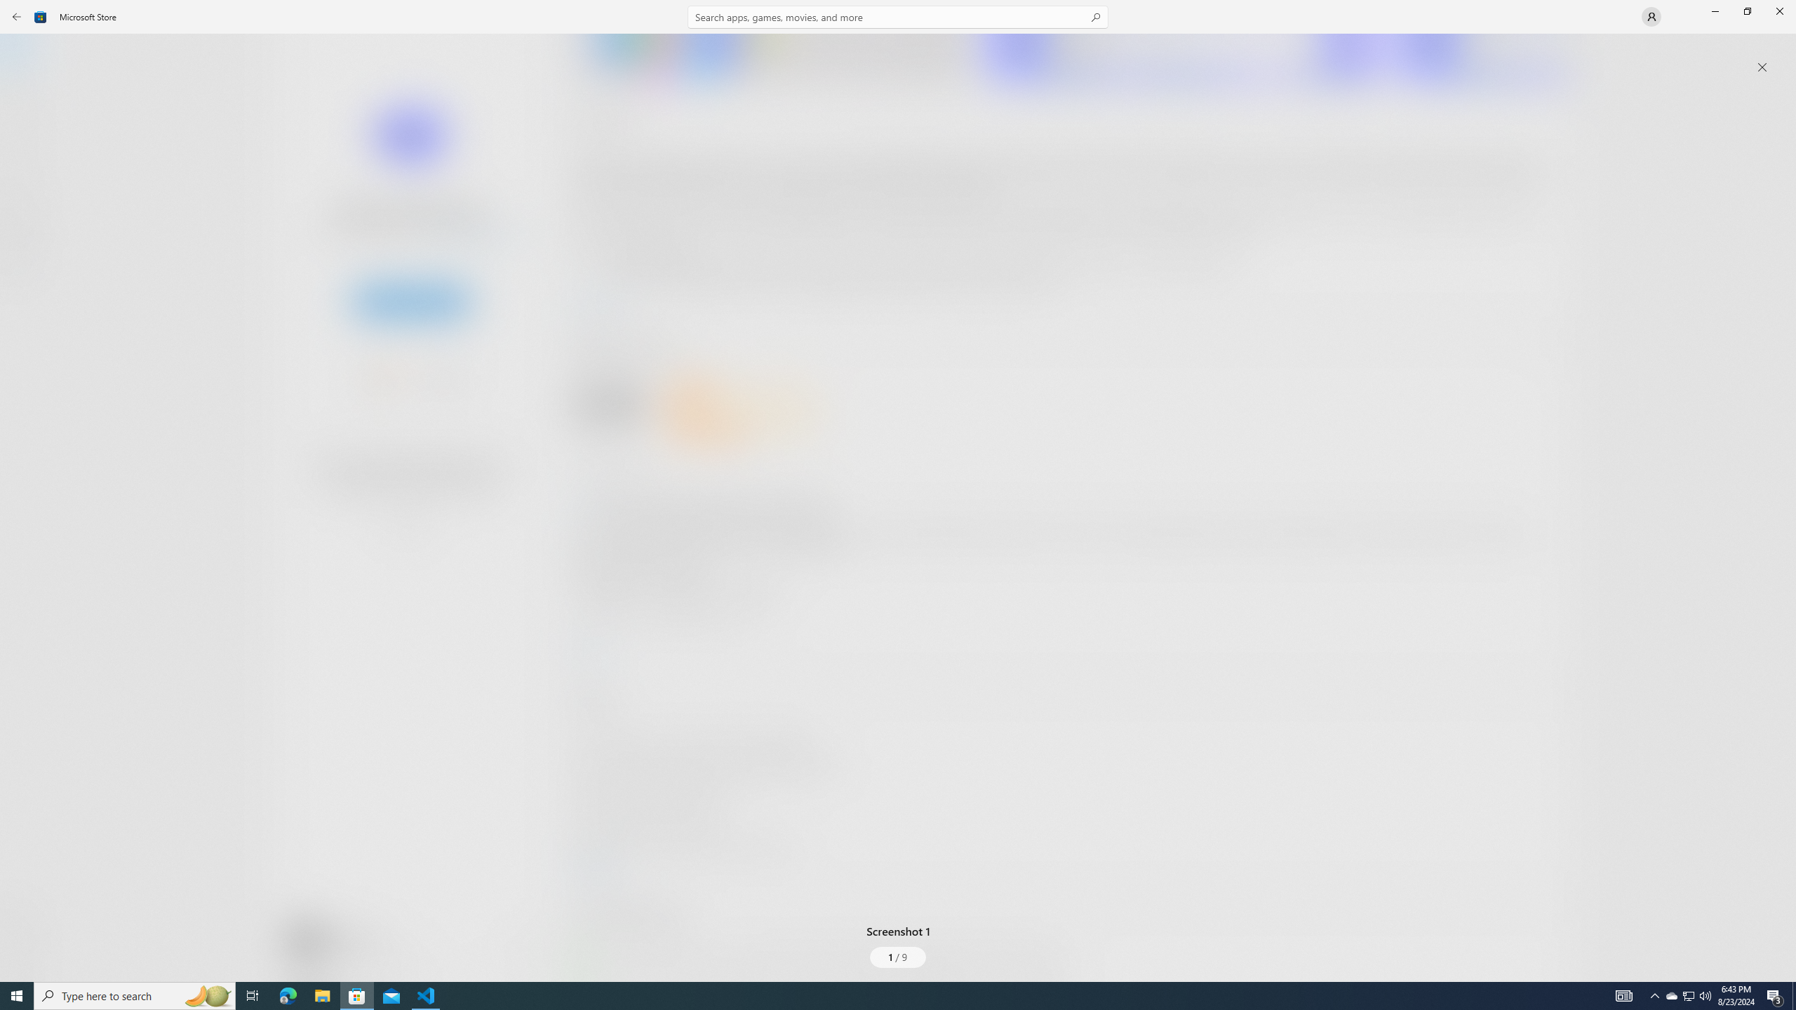 The height and width of the screenshot is (1010, 1796). I want to click on 'Home', so click(24, 55).